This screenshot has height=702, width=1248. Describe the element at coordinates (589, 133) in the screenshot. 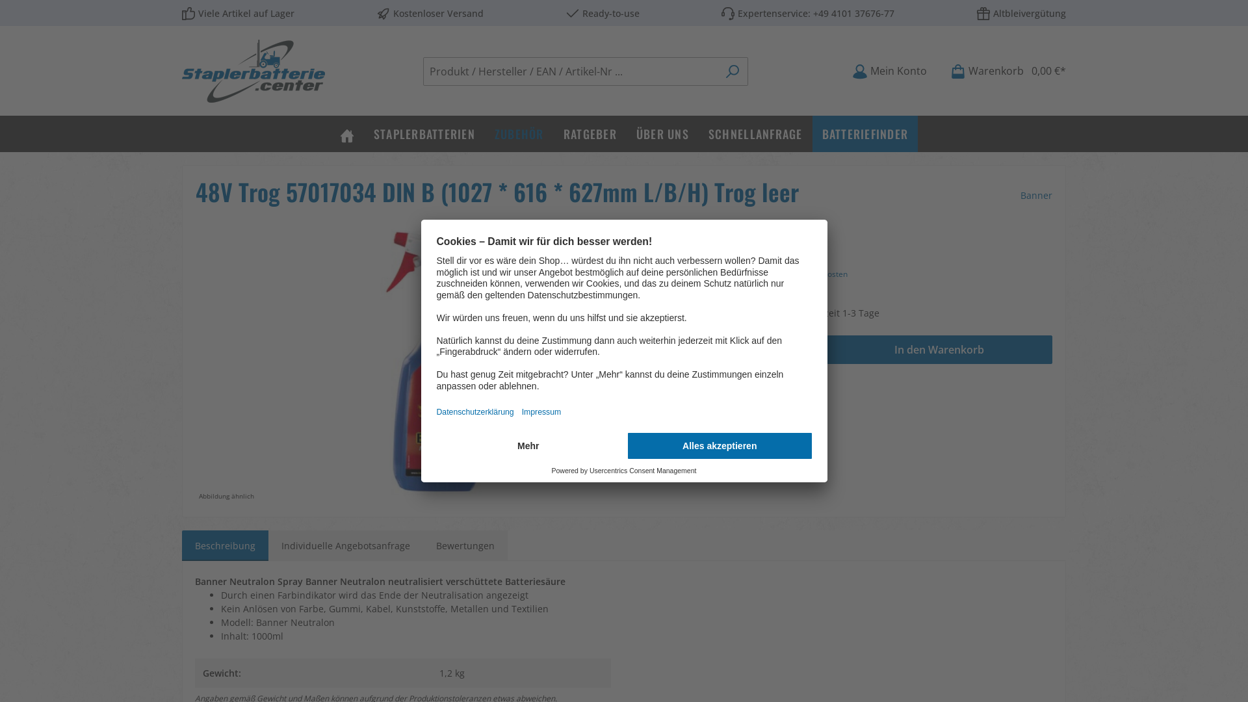

I see `'RATGEBER'` at that location.